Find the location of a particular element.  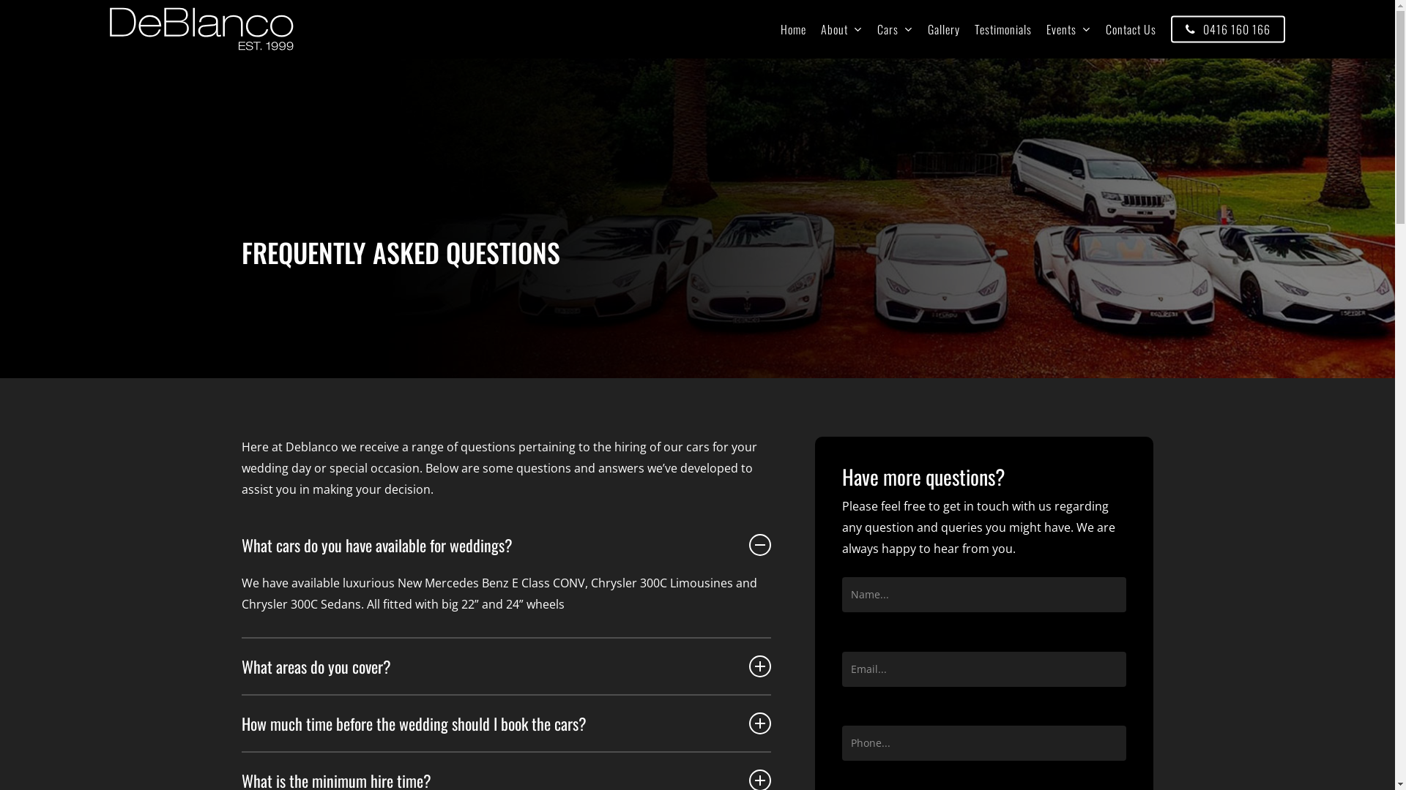

'Gallery' is located at coordinates (944, 29).